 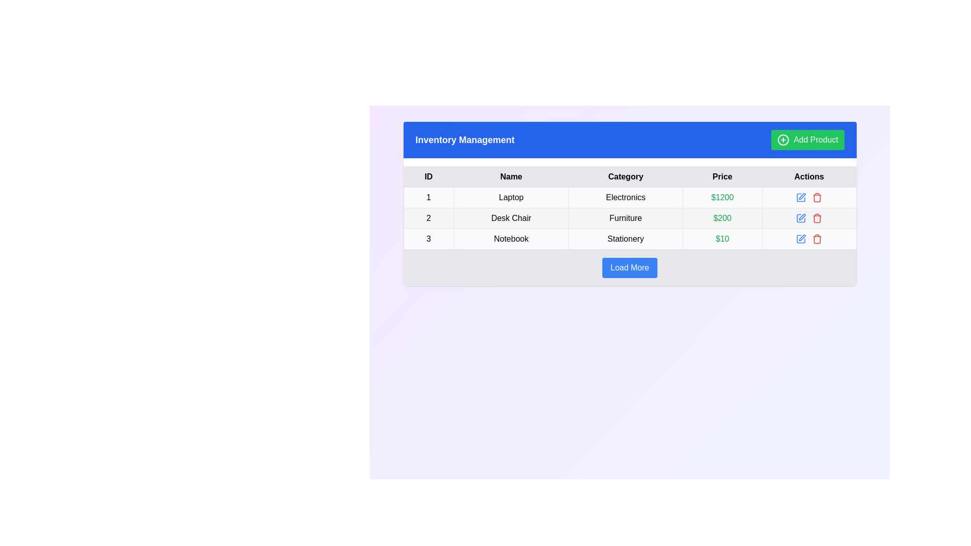 What do you see at coordinates (801, 239) in the screenshot?
I see `the Icon button located in the Actions column of the last row in the table` at bounding box center [801, 239].